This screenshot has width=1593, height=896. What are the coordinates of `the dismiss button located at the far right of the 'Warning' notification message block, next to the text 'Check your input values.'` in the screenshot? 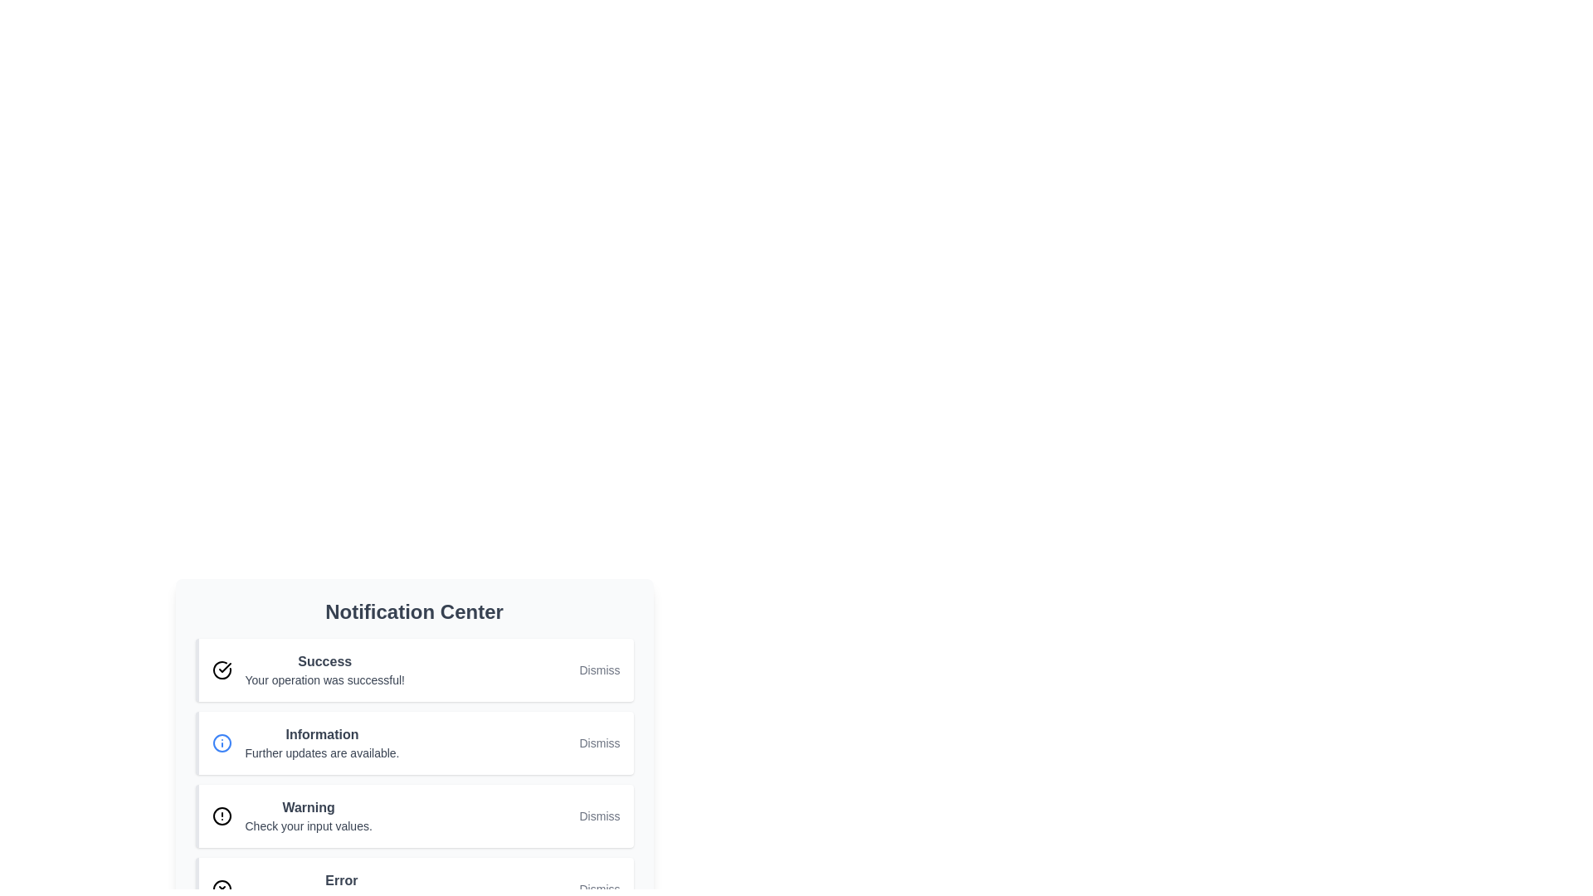 It's located at (599, 815).